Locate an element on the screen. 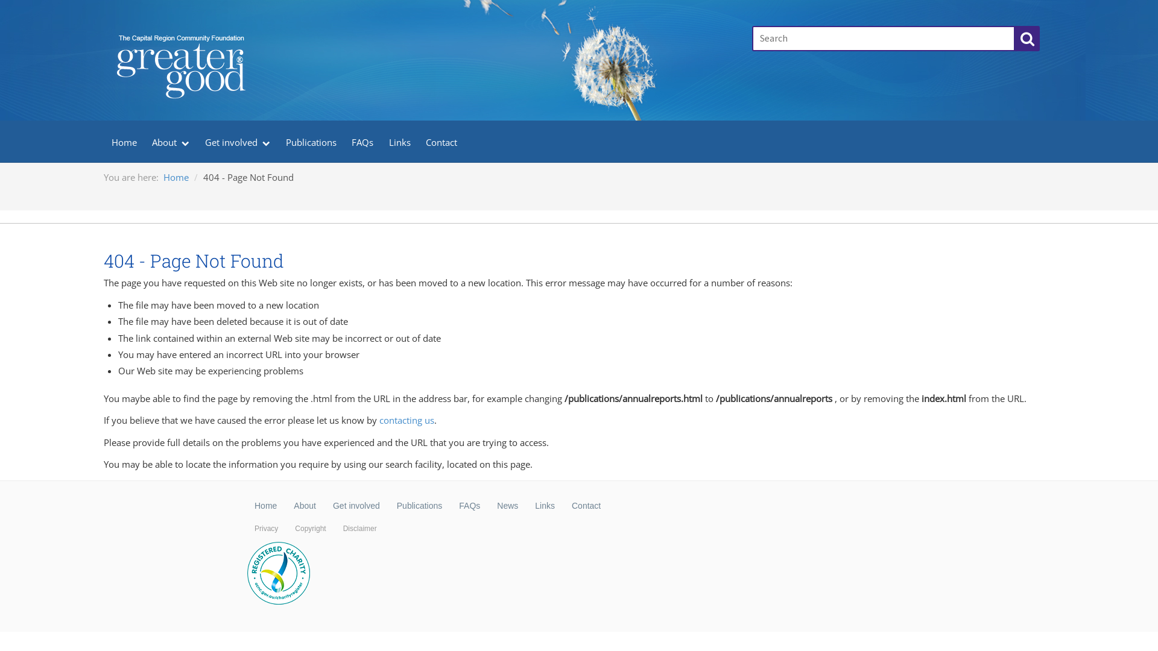 The image size is (1158, 651). 'About' is located at coordinates (305, 506).